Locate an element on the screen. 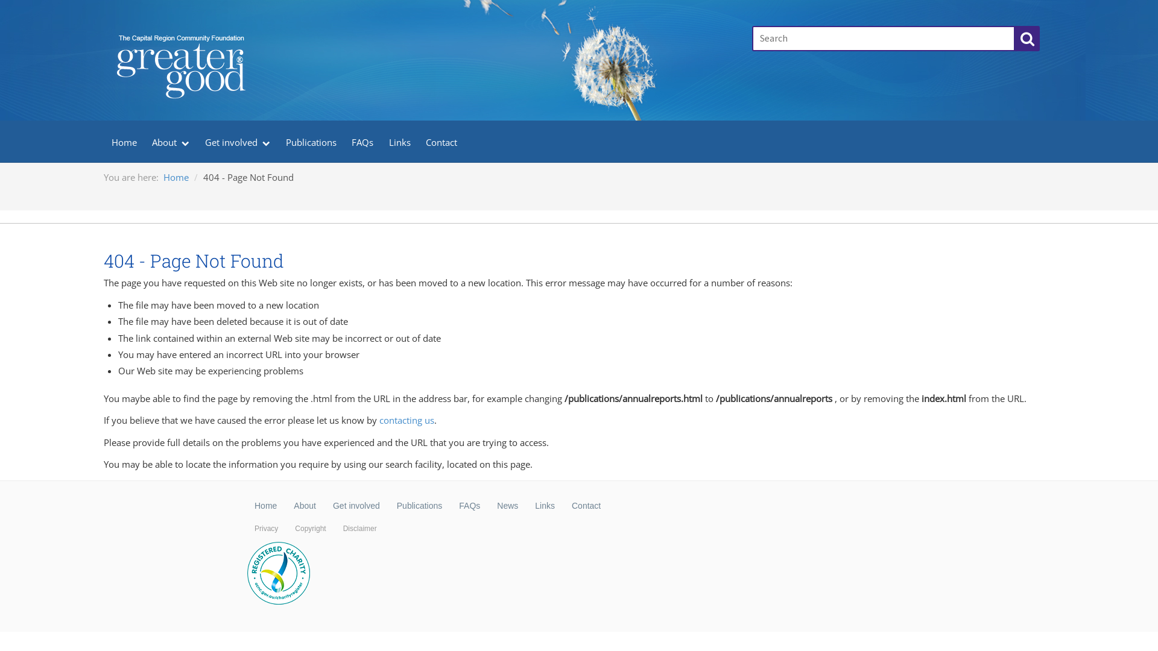 The image size is (1158, 651). 'About' is located at coordinates (305, 506).